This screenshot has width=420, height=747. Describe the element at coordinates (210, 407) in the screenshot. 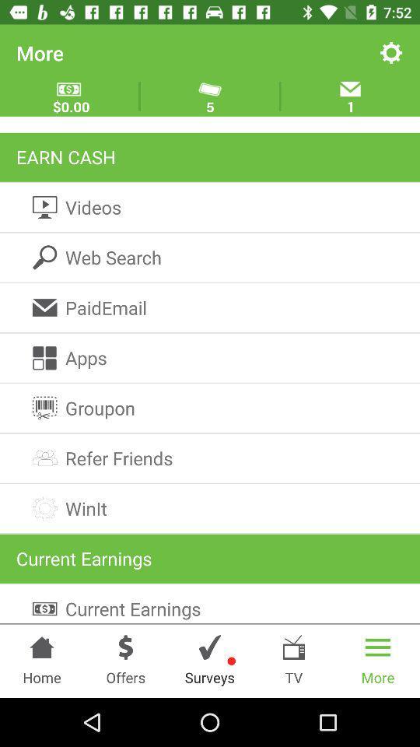

I see `the item below the apps icon` at that location.